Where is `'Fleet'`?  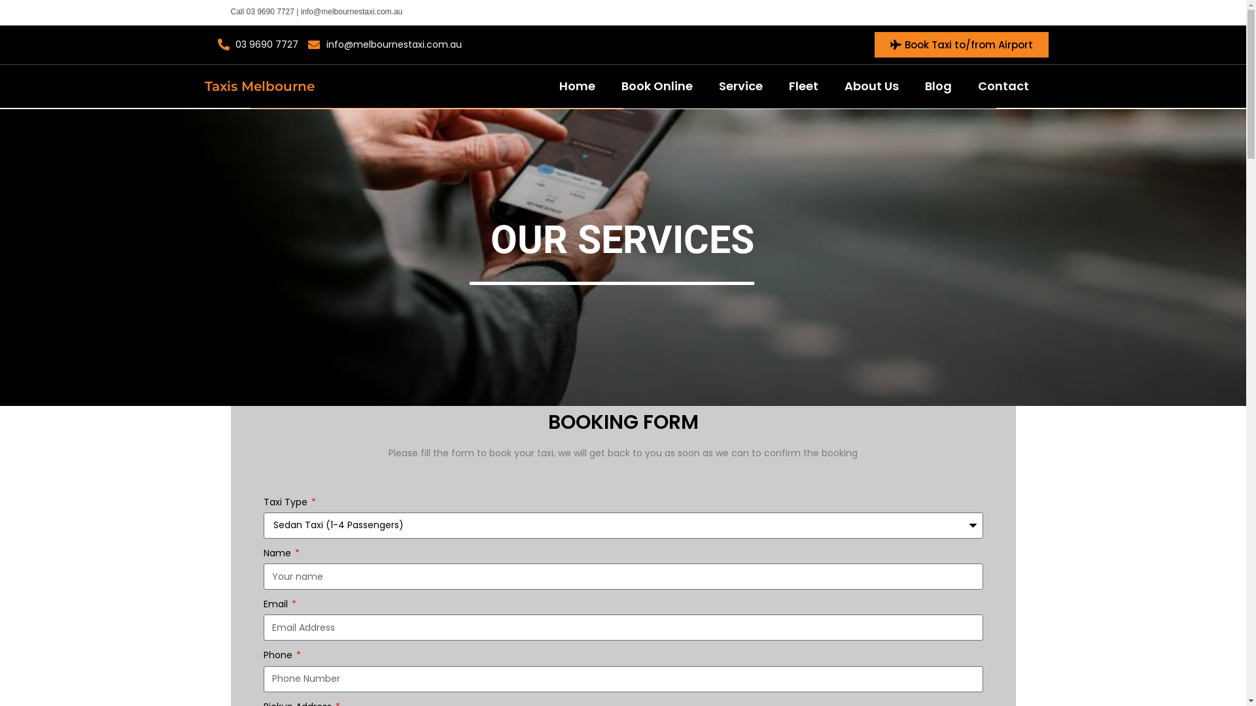 'Fleet' is located at coordinates (803, 86).